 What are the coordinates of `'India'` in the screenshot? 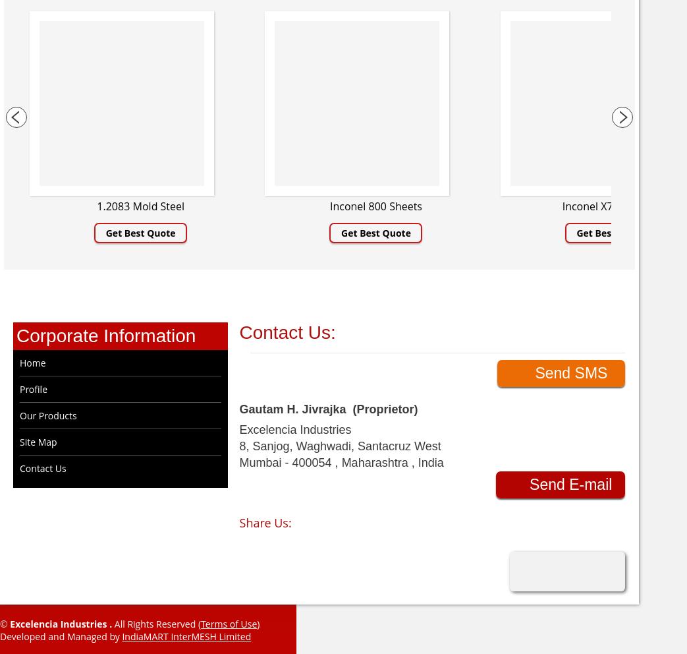 It's located at (429, 462).